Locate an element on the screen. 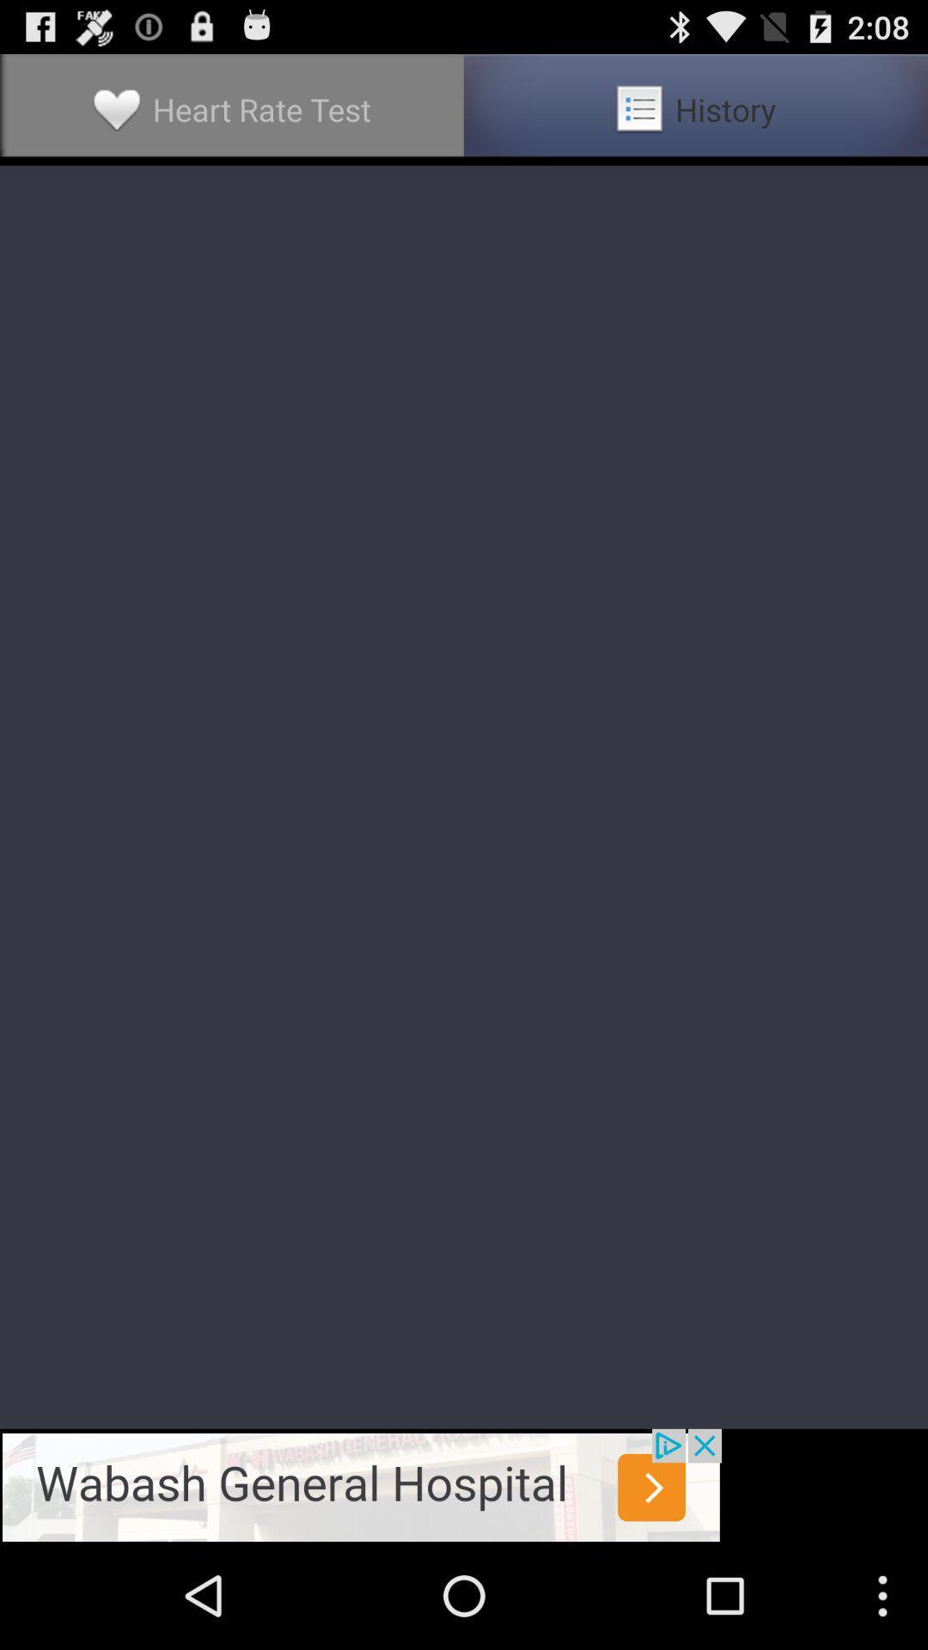 The height and width of the screenshot is (1650, 928). advertisement is located at coordinates (360, 1484).